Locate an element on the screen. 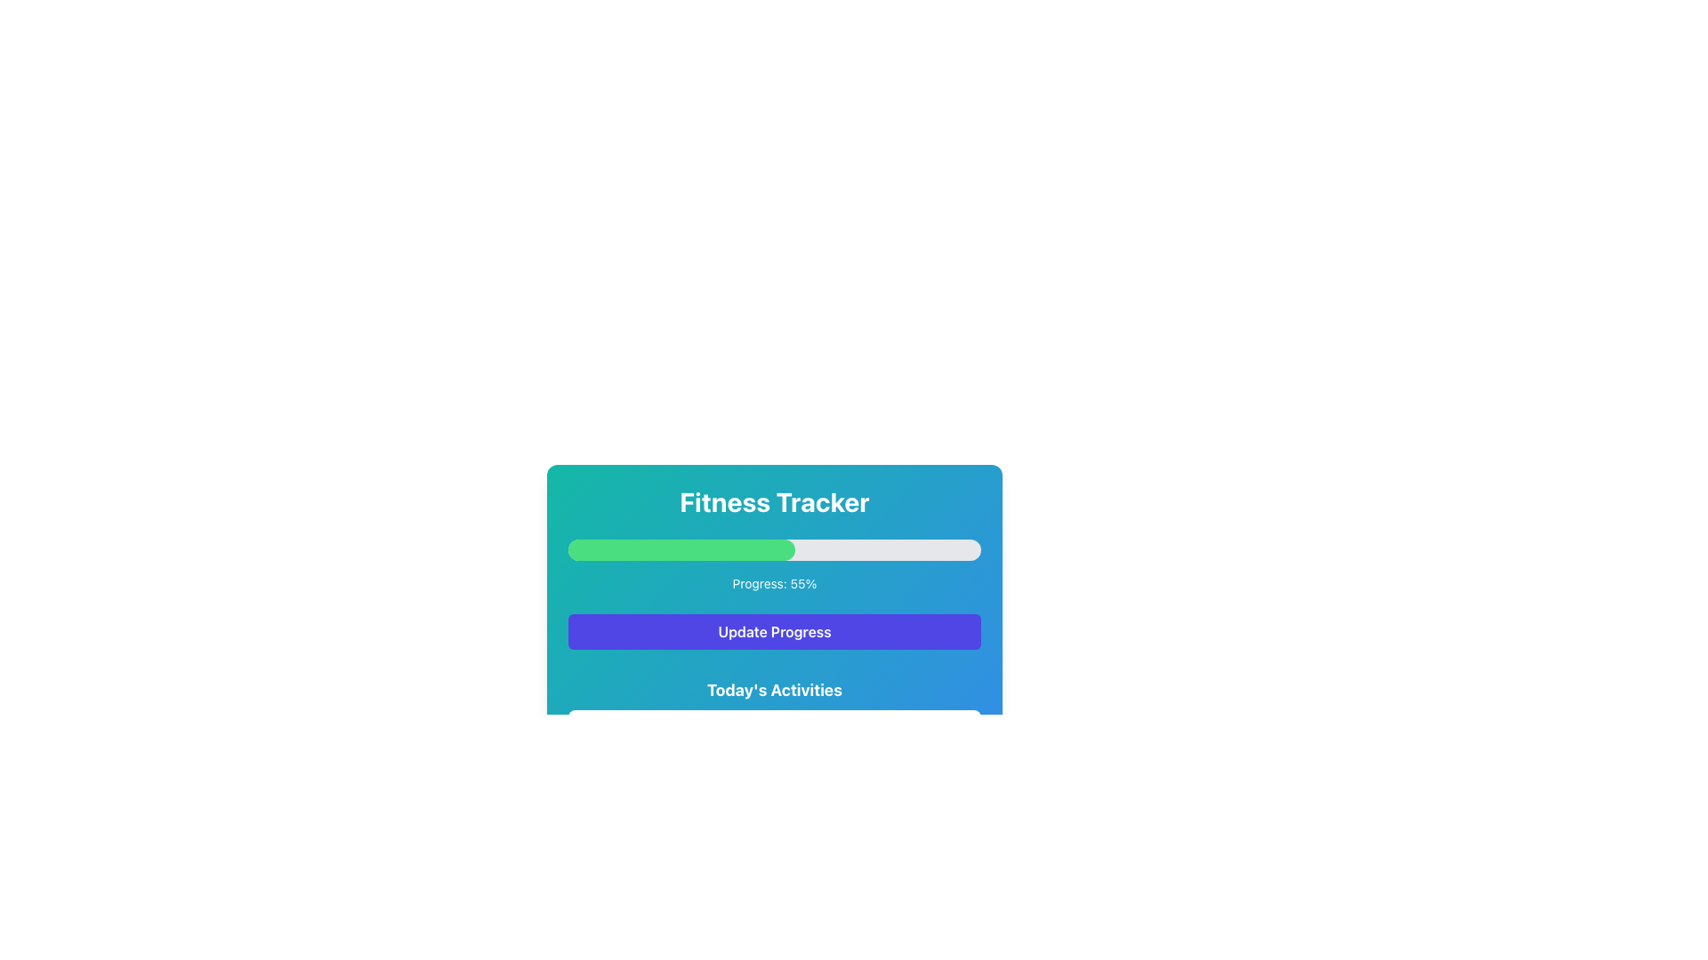 This screenshot has height=960, width=1708. the header labeled 'Today's Activities' which is styled with bold and white text, located at the top of the activities section is located at coordinates (774, 689).